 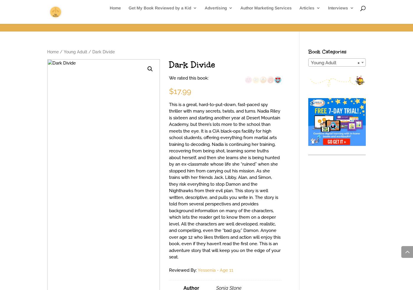 I want to click on '/ Dark Divide', so click(x=101, y=52).